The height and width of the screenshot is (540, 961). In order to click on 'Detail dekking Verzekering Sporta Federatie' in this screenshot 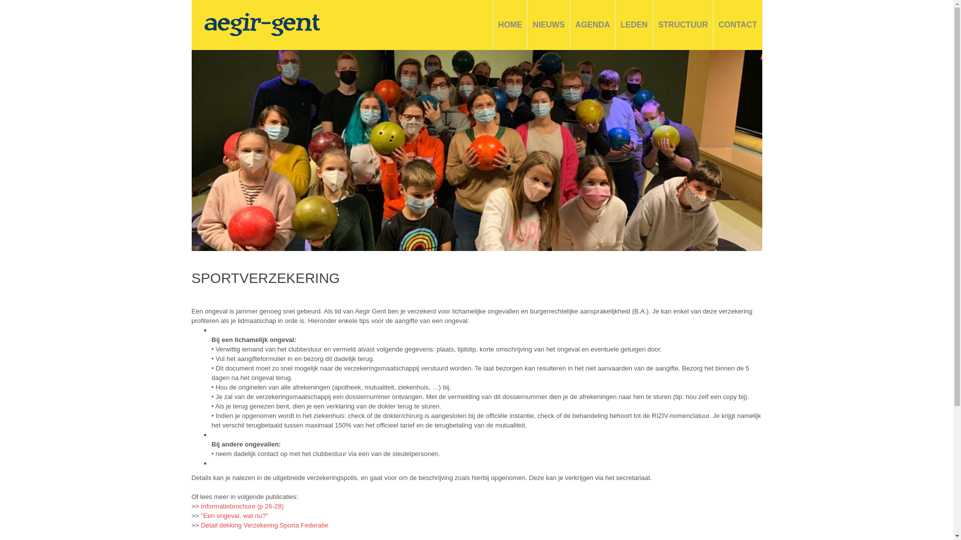, I will do `click(264, 524)`.